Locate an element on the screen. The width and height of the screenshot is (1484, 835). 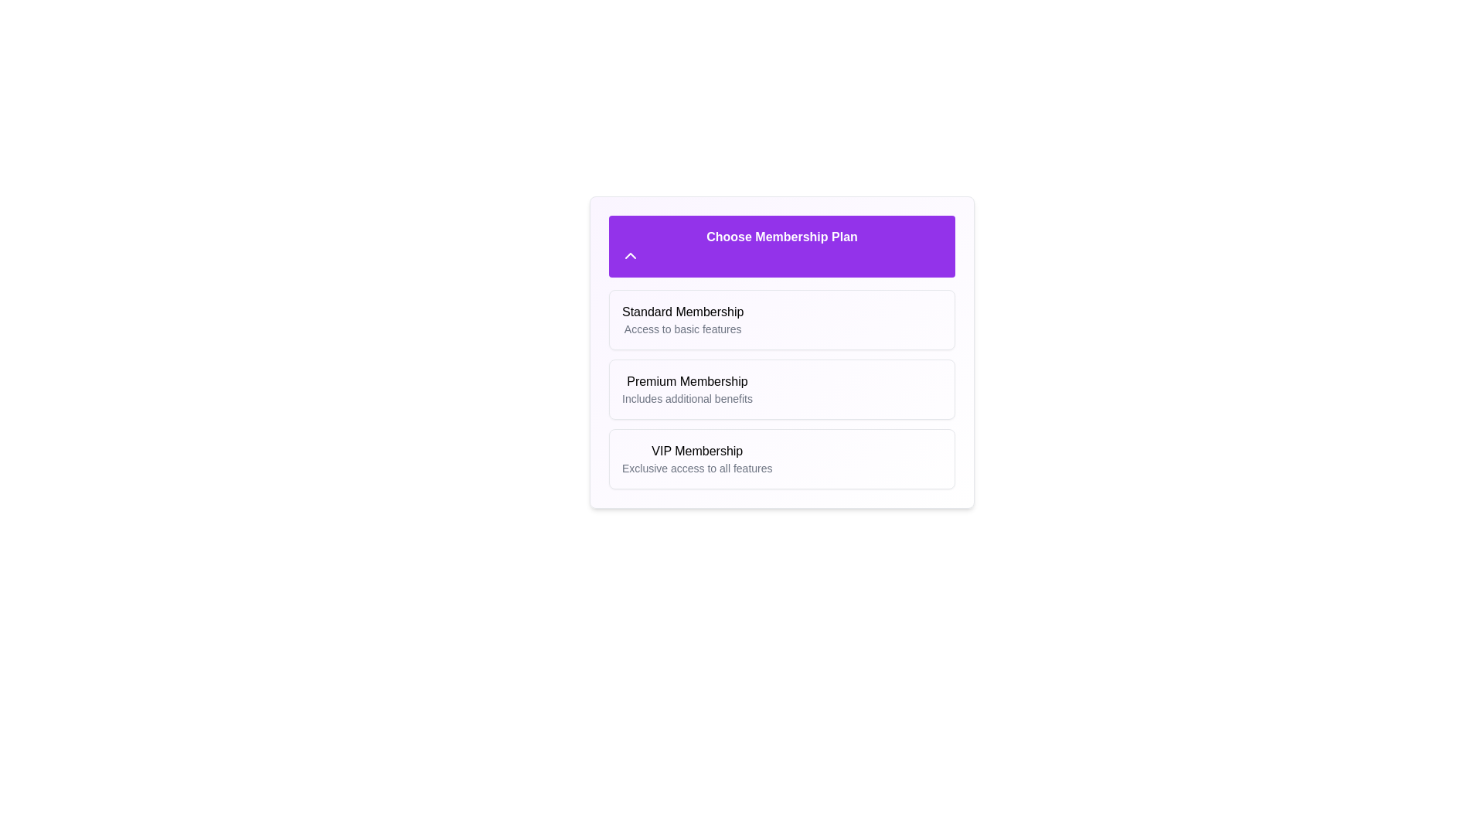
the static text label that serves as the title for the second membership plan, positioned between 'Standard Membership' and 'VIP Membership' is located at coordinates (686, 381).